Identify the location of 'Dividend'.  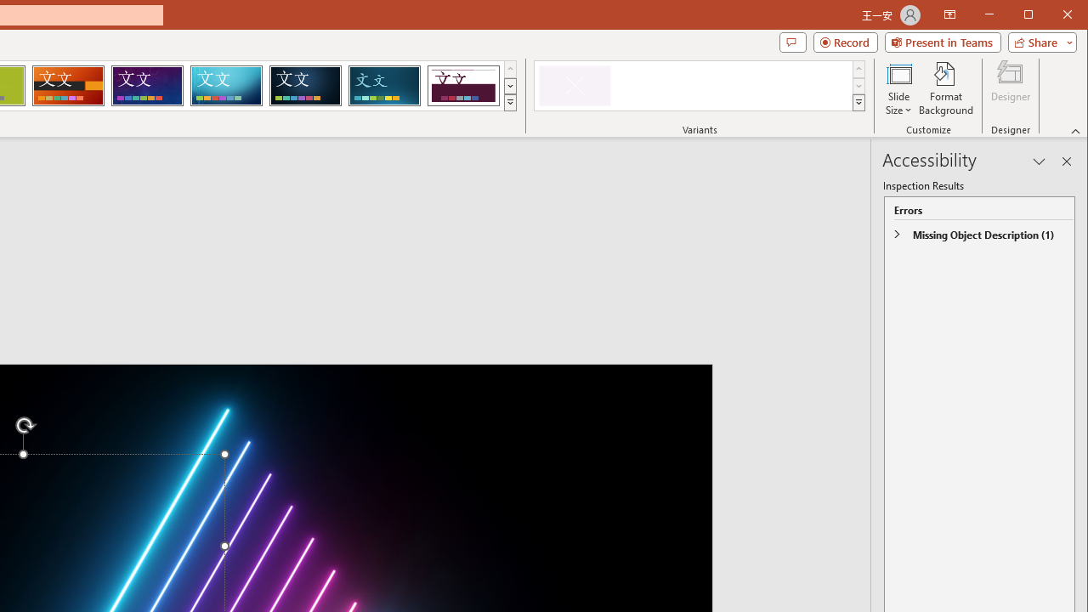
(463, 85).